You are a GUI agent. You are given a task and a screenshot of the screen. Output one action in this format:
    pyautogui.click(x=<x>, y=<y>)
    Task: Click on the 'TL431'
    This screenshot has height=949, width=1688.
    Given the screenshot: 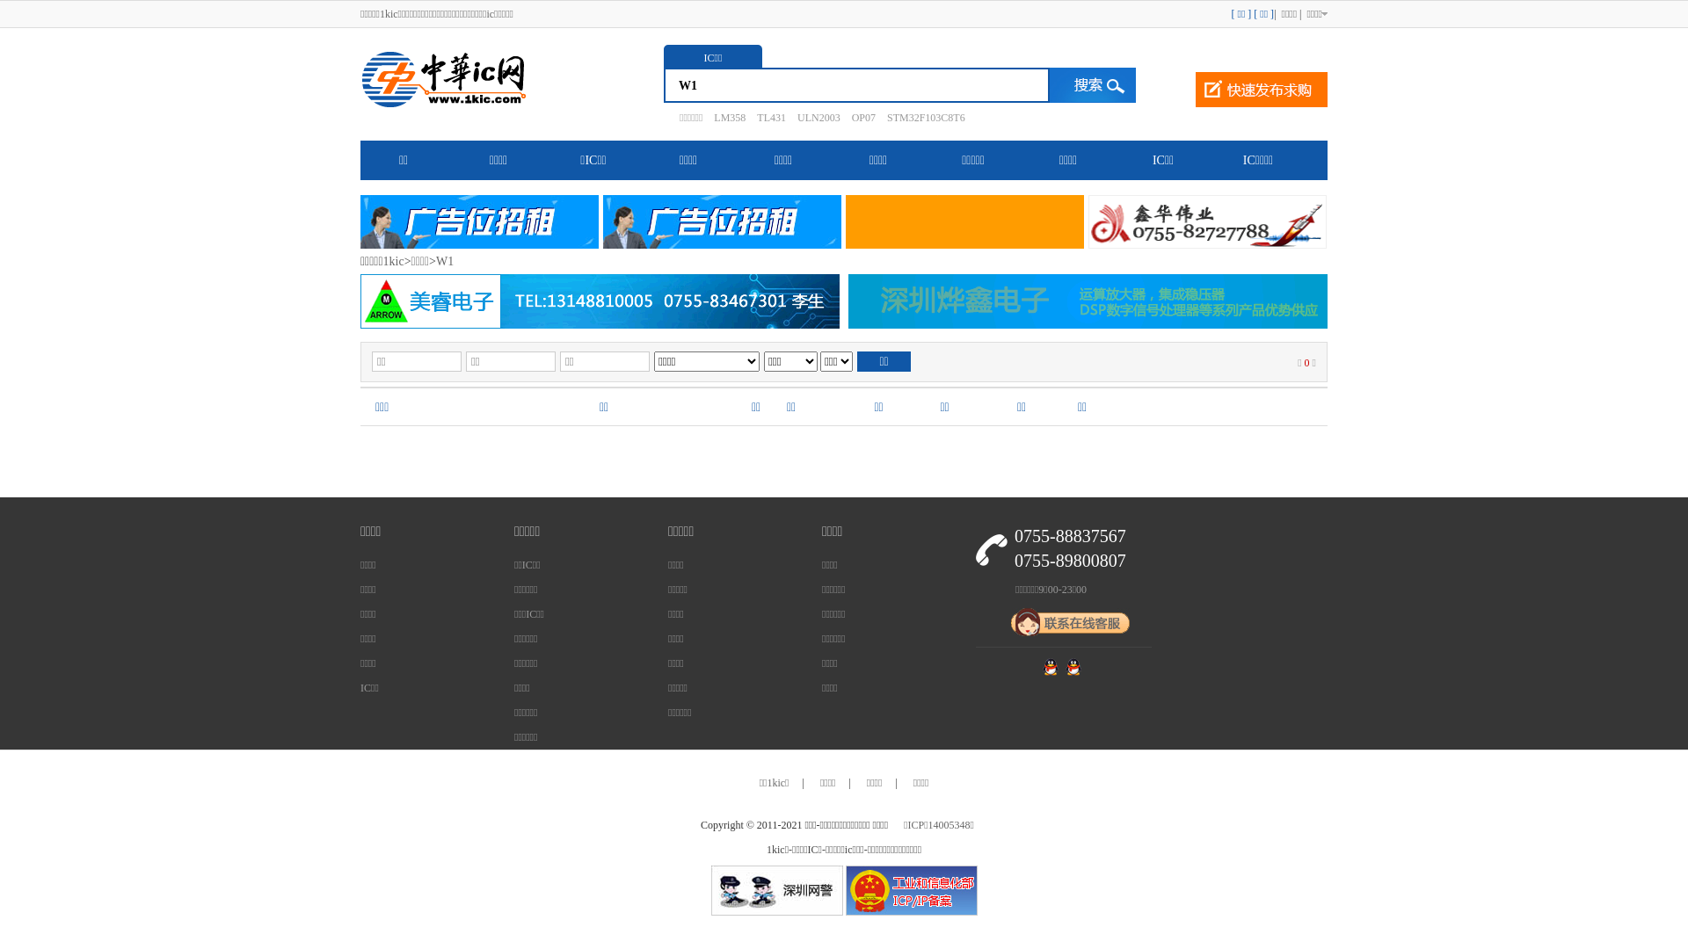 What is the action you would take?
    pyautogui.click(x=767, y=118)
    